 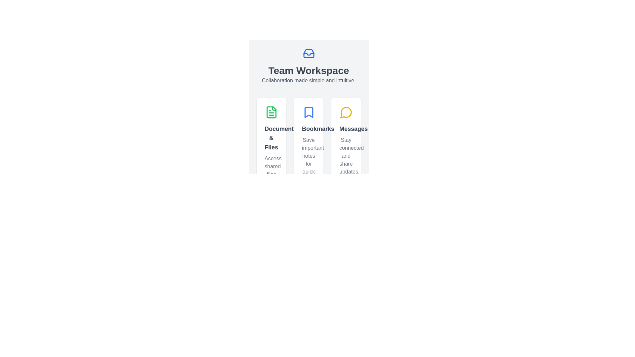 I want to click on the text label displaying 'Stay connected and share updates.' which is positioned below the 'Messages' title and above the 'Dismiss Messages' button, so click(x=346, y=156).